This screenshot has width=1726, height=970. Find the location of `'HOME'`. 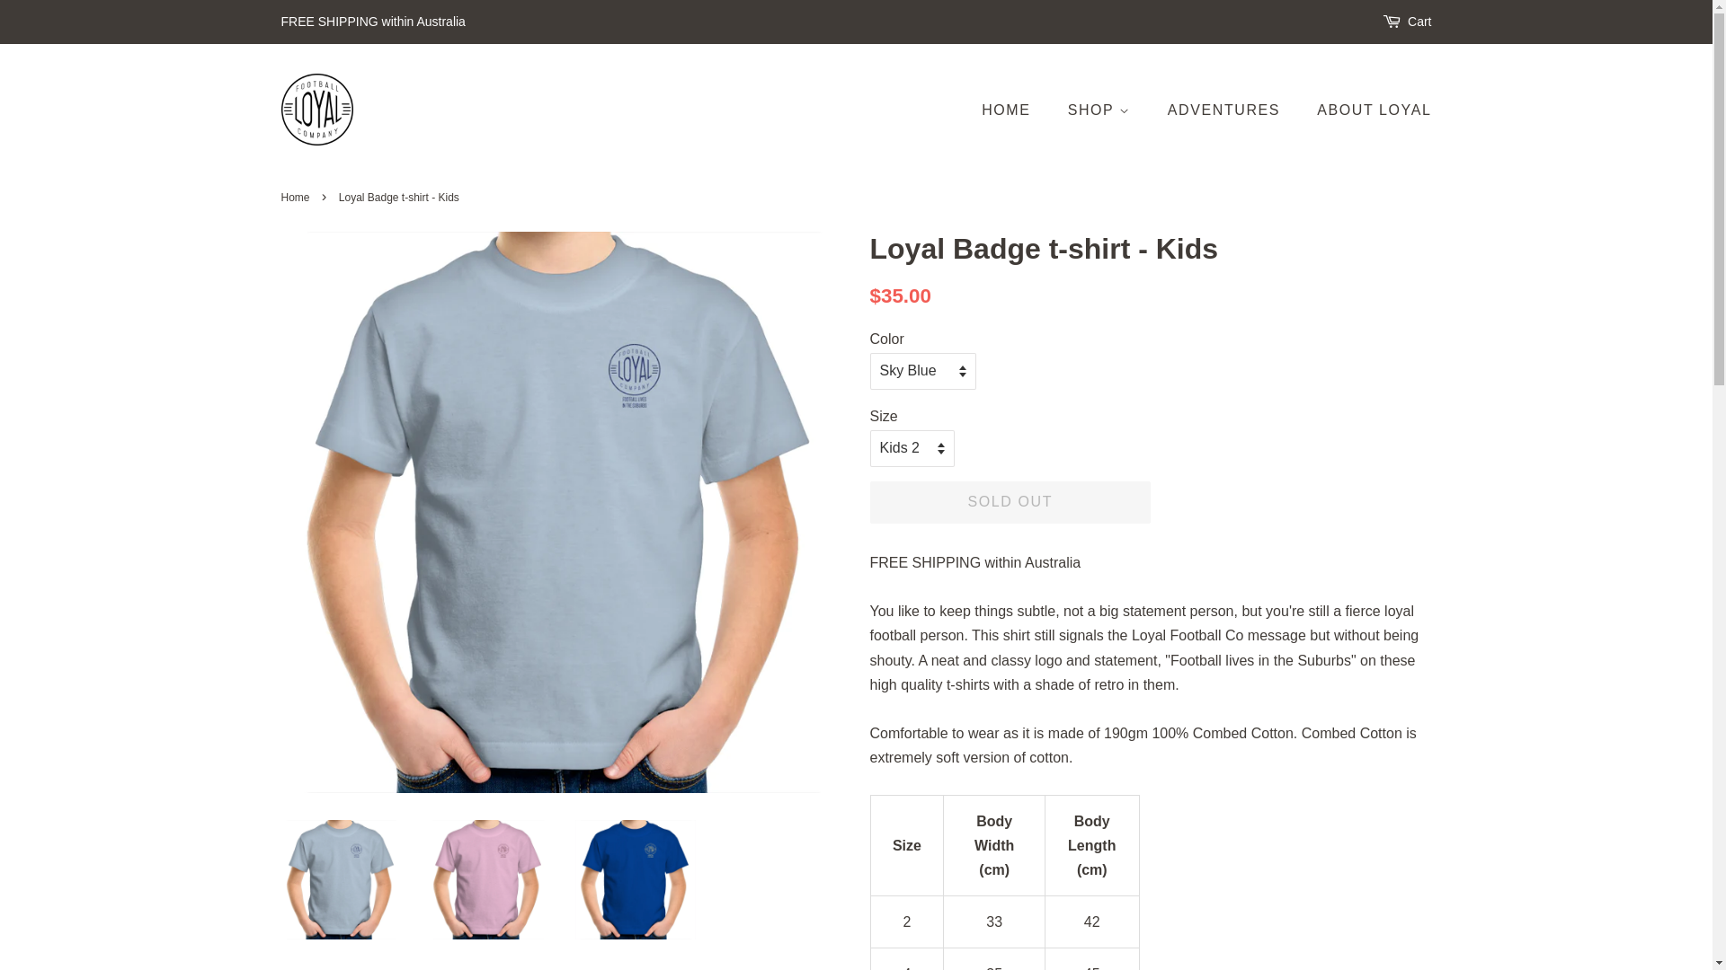

'HOME' is located at coordinates (1014, 110).